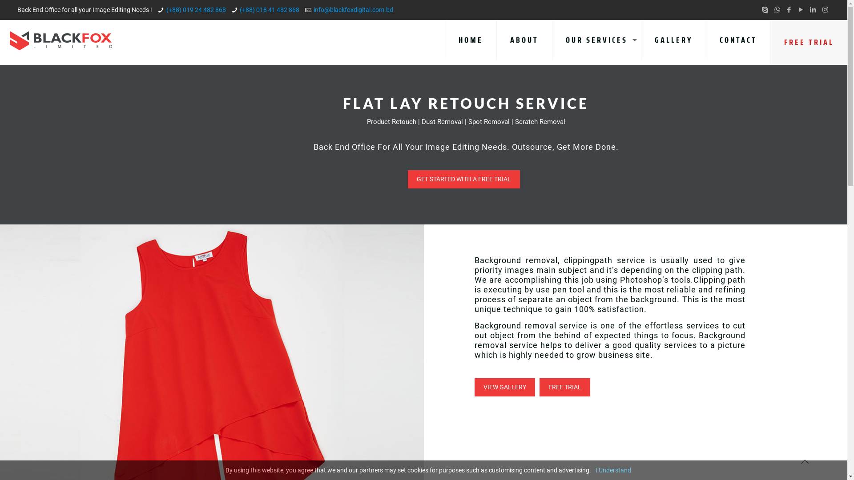 The image size is (854, 480). I want to click on '(+88) 019 24 482 868', so click(196, 10).